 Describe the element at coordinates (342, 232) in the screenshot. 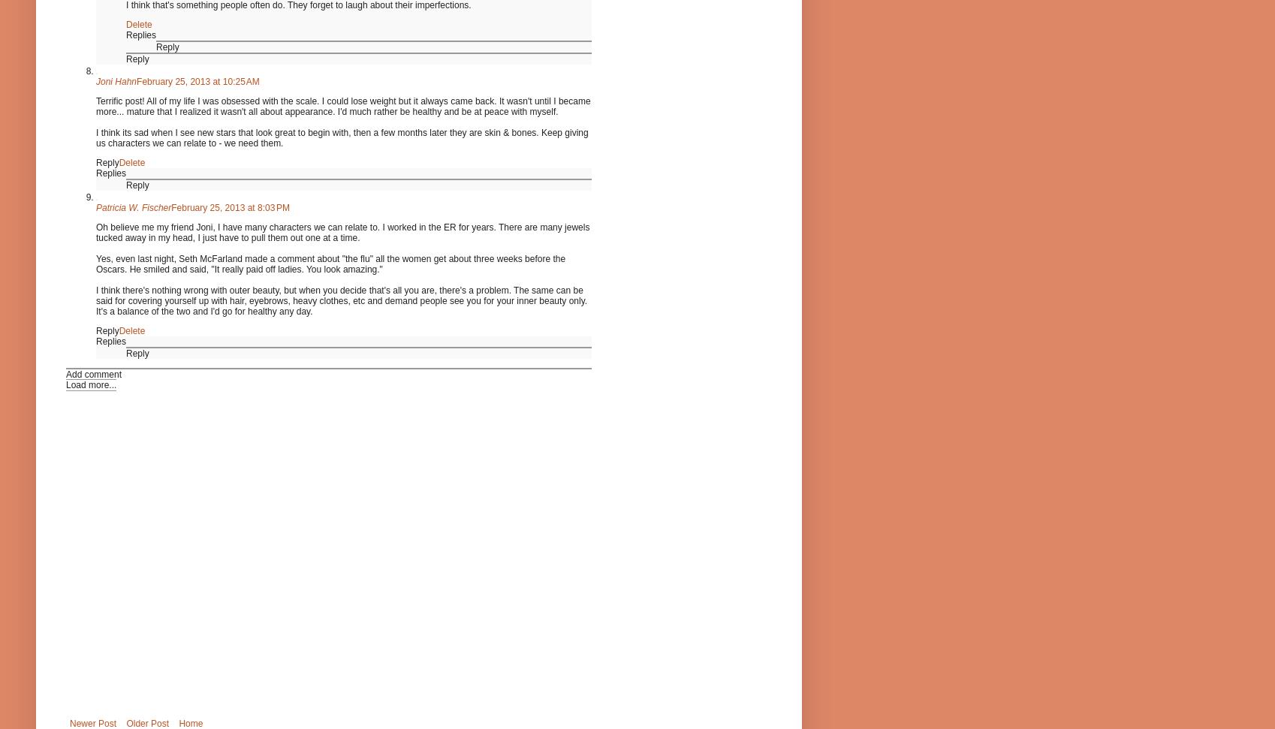

I see `'Oh believe me my friend Joni, I have many characters we can relate to. I worked in the ER for years. There are many jewels tucked away in my head, I just have to pull them out one at a time.'` at that location.